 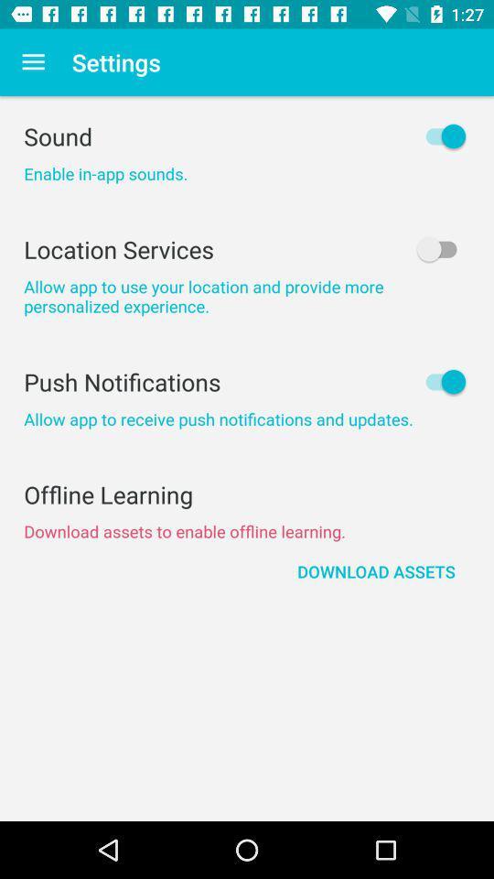 What do you see at coordinates (33, 62) in the screenshot?
I see `the item above sound` at bounding box center [33, 62].